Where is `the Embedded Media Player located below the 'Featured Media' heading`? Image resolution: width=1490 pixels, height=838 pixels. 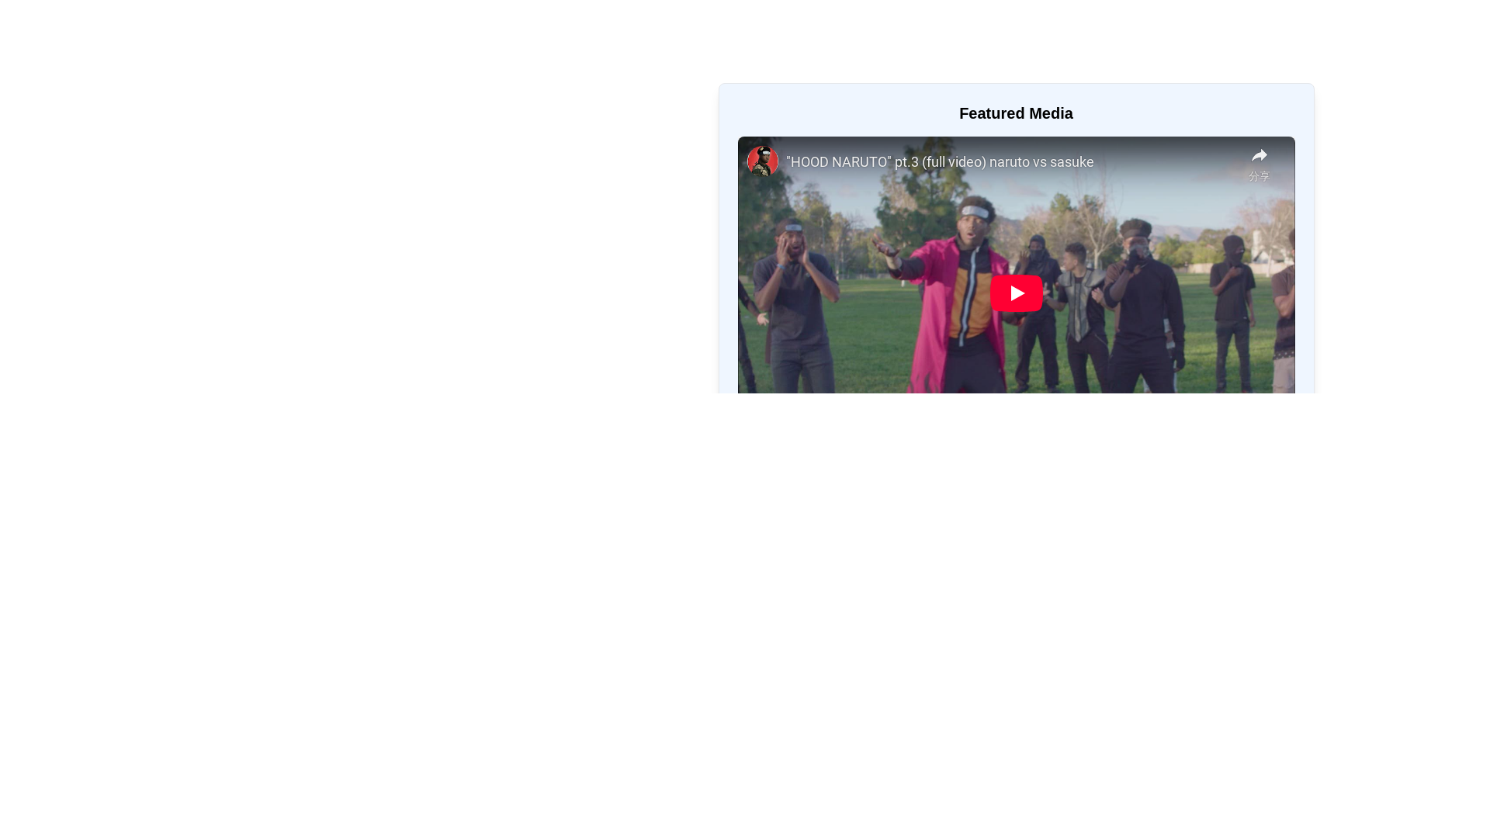
the Embedded Media Player located below the 'Featured Media' heading is located at coordinates (1016, 293).